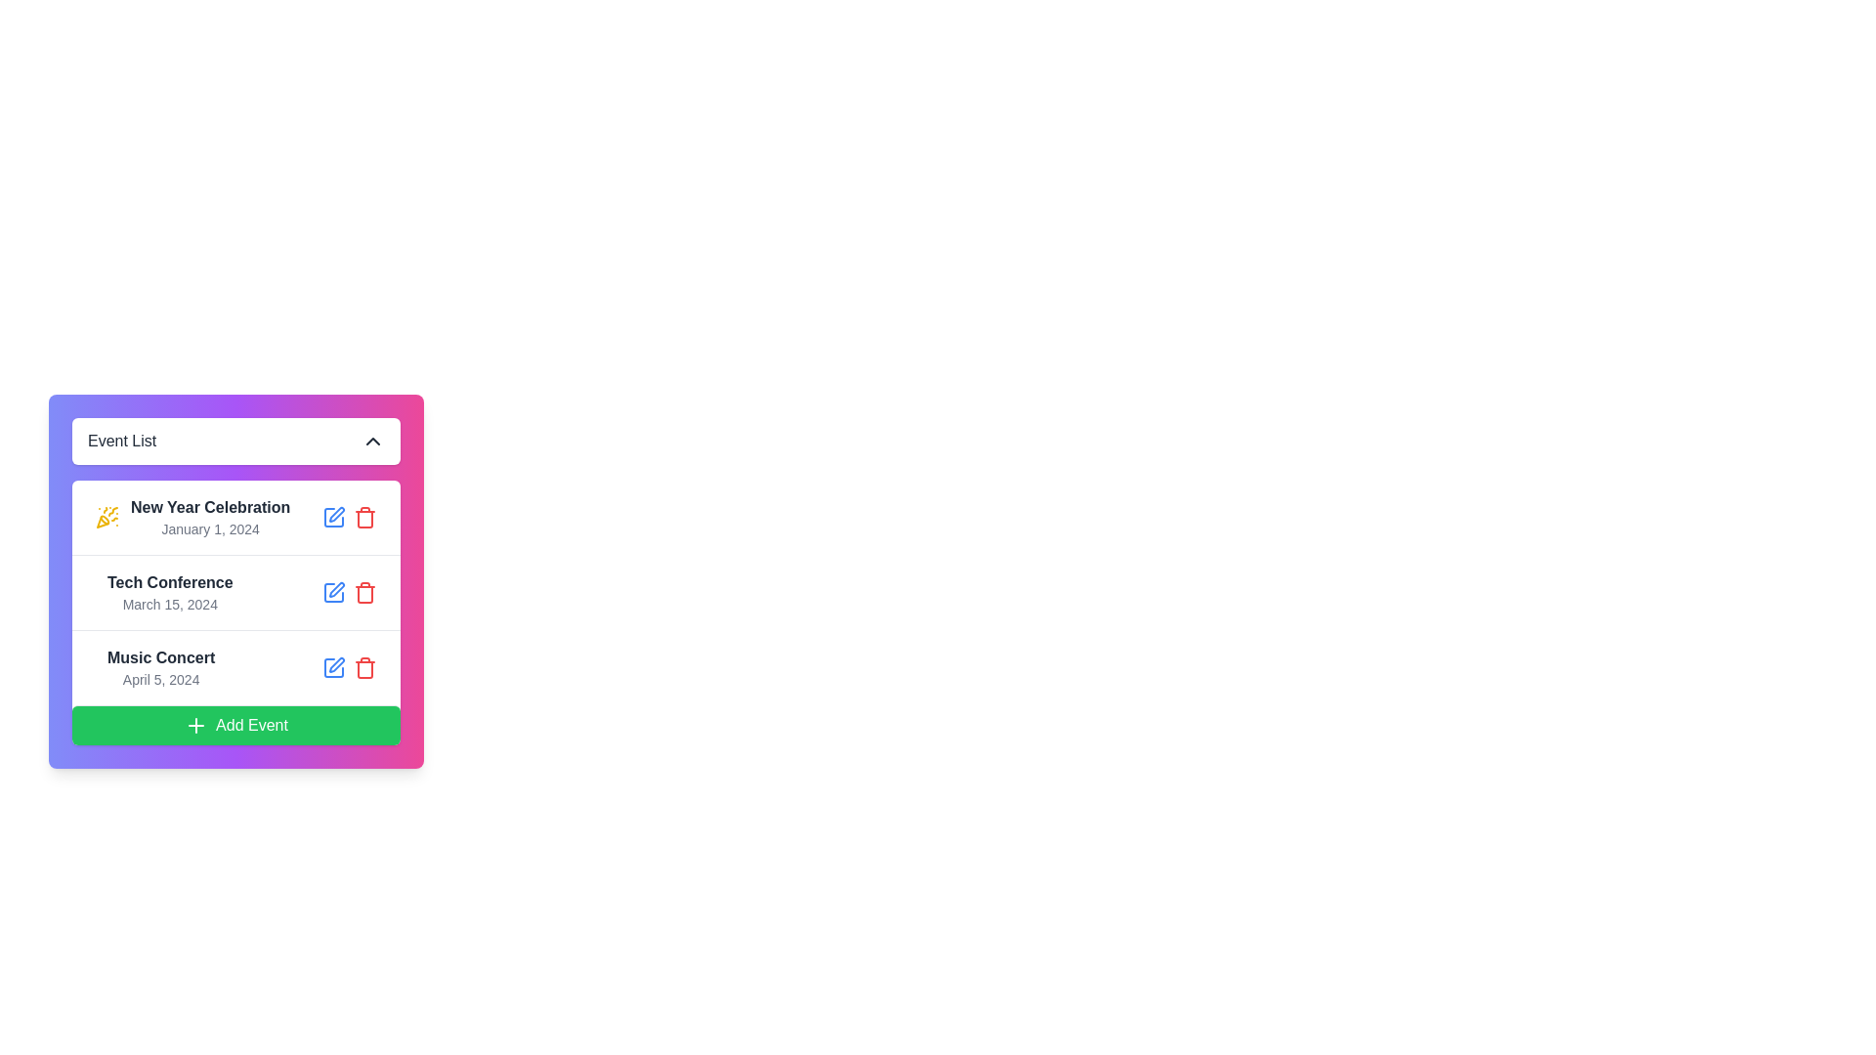  What do you see at coordinates (337, 514) in the screenshot?
I see `the leftmost edit icon located within the 'New Year Celebration' event card` at bounding box center [337, 514].